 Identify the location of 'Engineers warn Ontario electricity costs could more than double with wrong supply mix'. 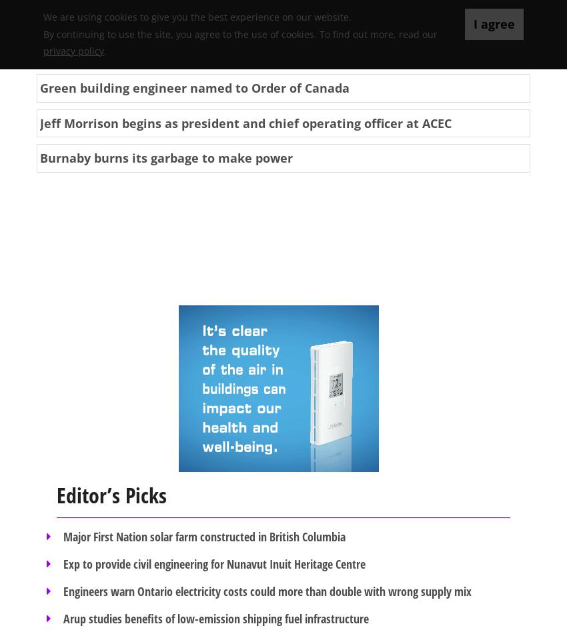
(266, 590).